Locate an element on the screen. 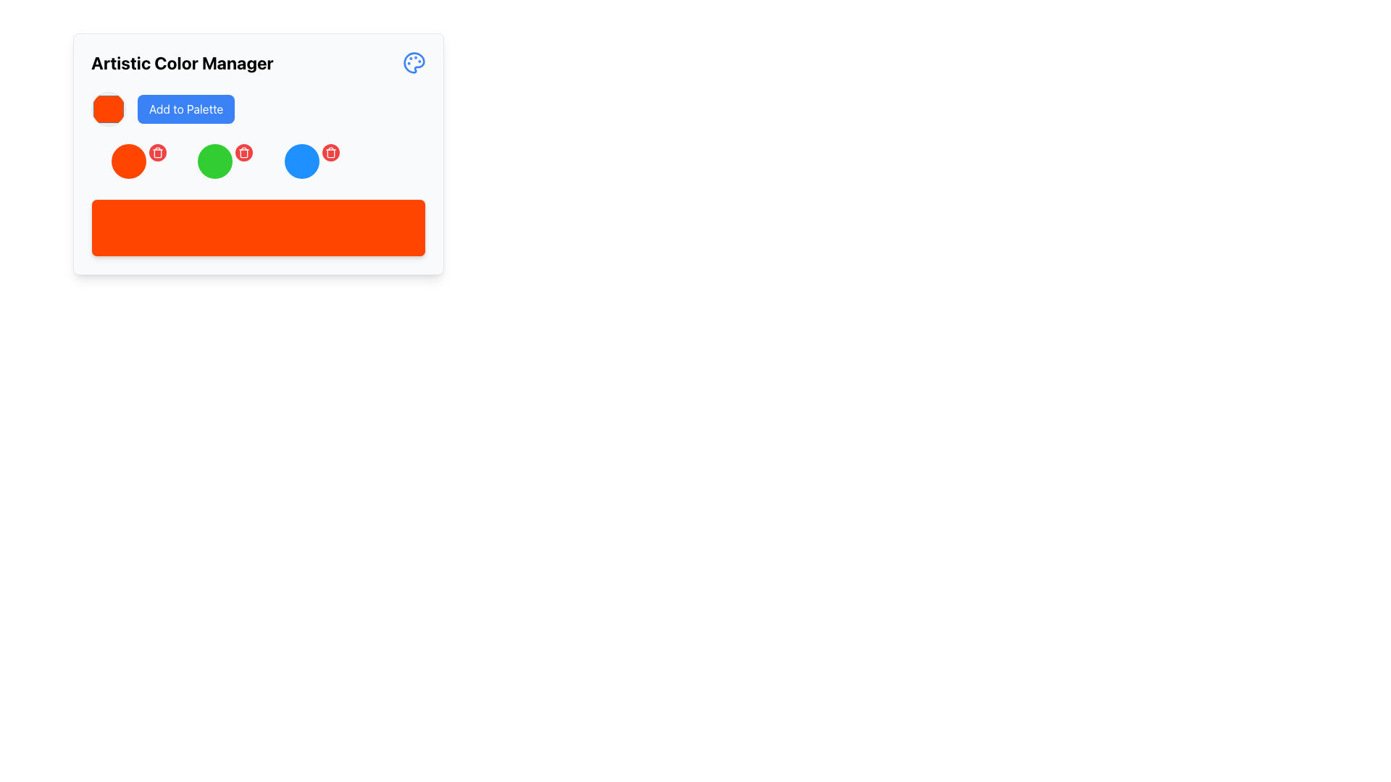  the red circular button with a white trash can icon located on the top-right edge of the blue circular icon in the 'Artistic Color Manager' module is located at coordinates (330, 153).